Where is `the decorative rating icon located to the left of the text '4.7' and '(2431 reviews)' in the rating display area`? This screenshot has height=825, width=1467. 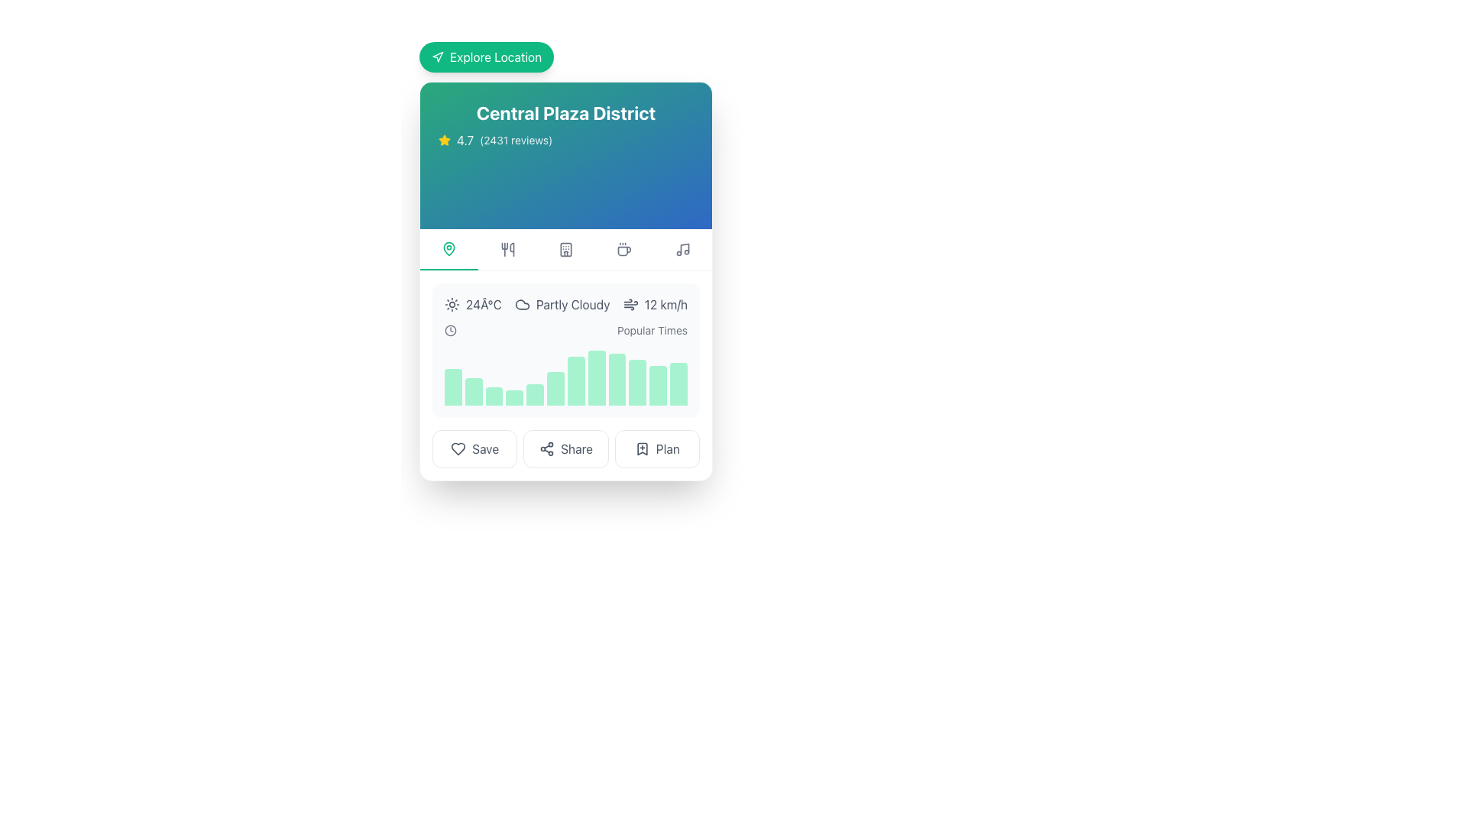 the decorative rating icon located to the left of the text '4.7' and '(2431 reviews)' in the rating display area is located at coordinates (443, 141).